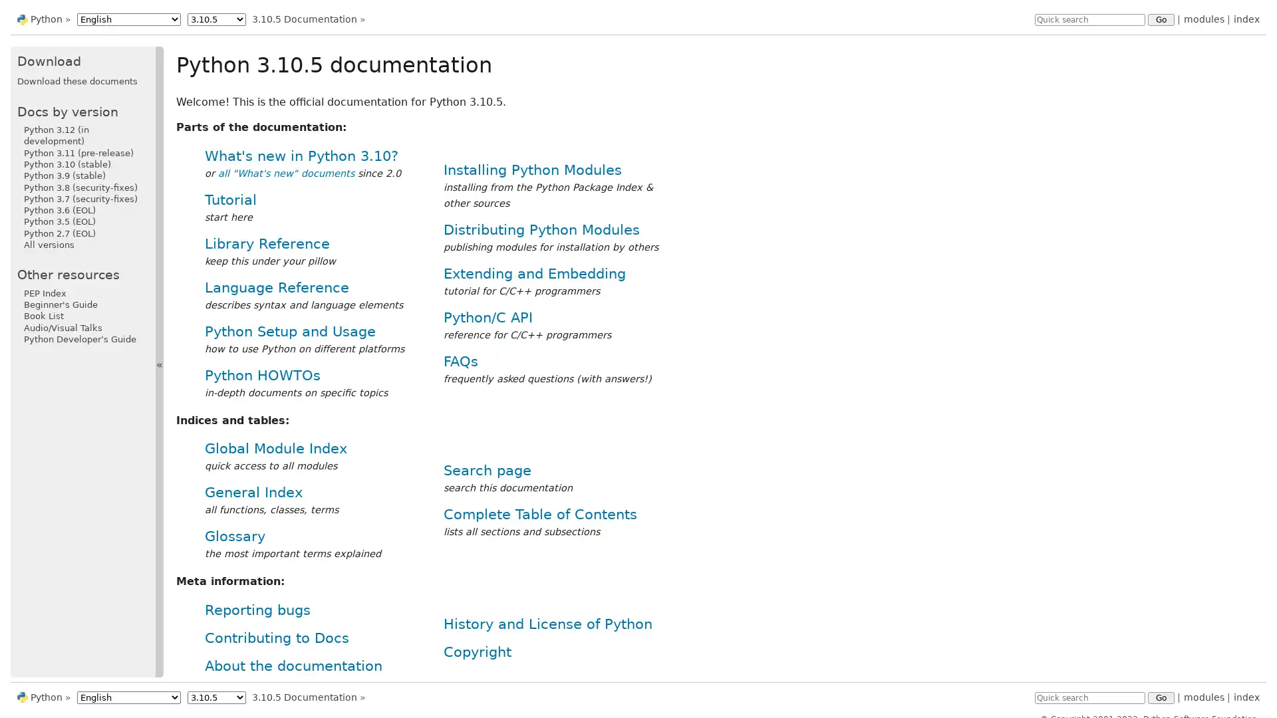 This screenshot has width=1277, height=718. Describe the element at coordinates (1161, 697) in the screenshot. I see `Go` at that location.